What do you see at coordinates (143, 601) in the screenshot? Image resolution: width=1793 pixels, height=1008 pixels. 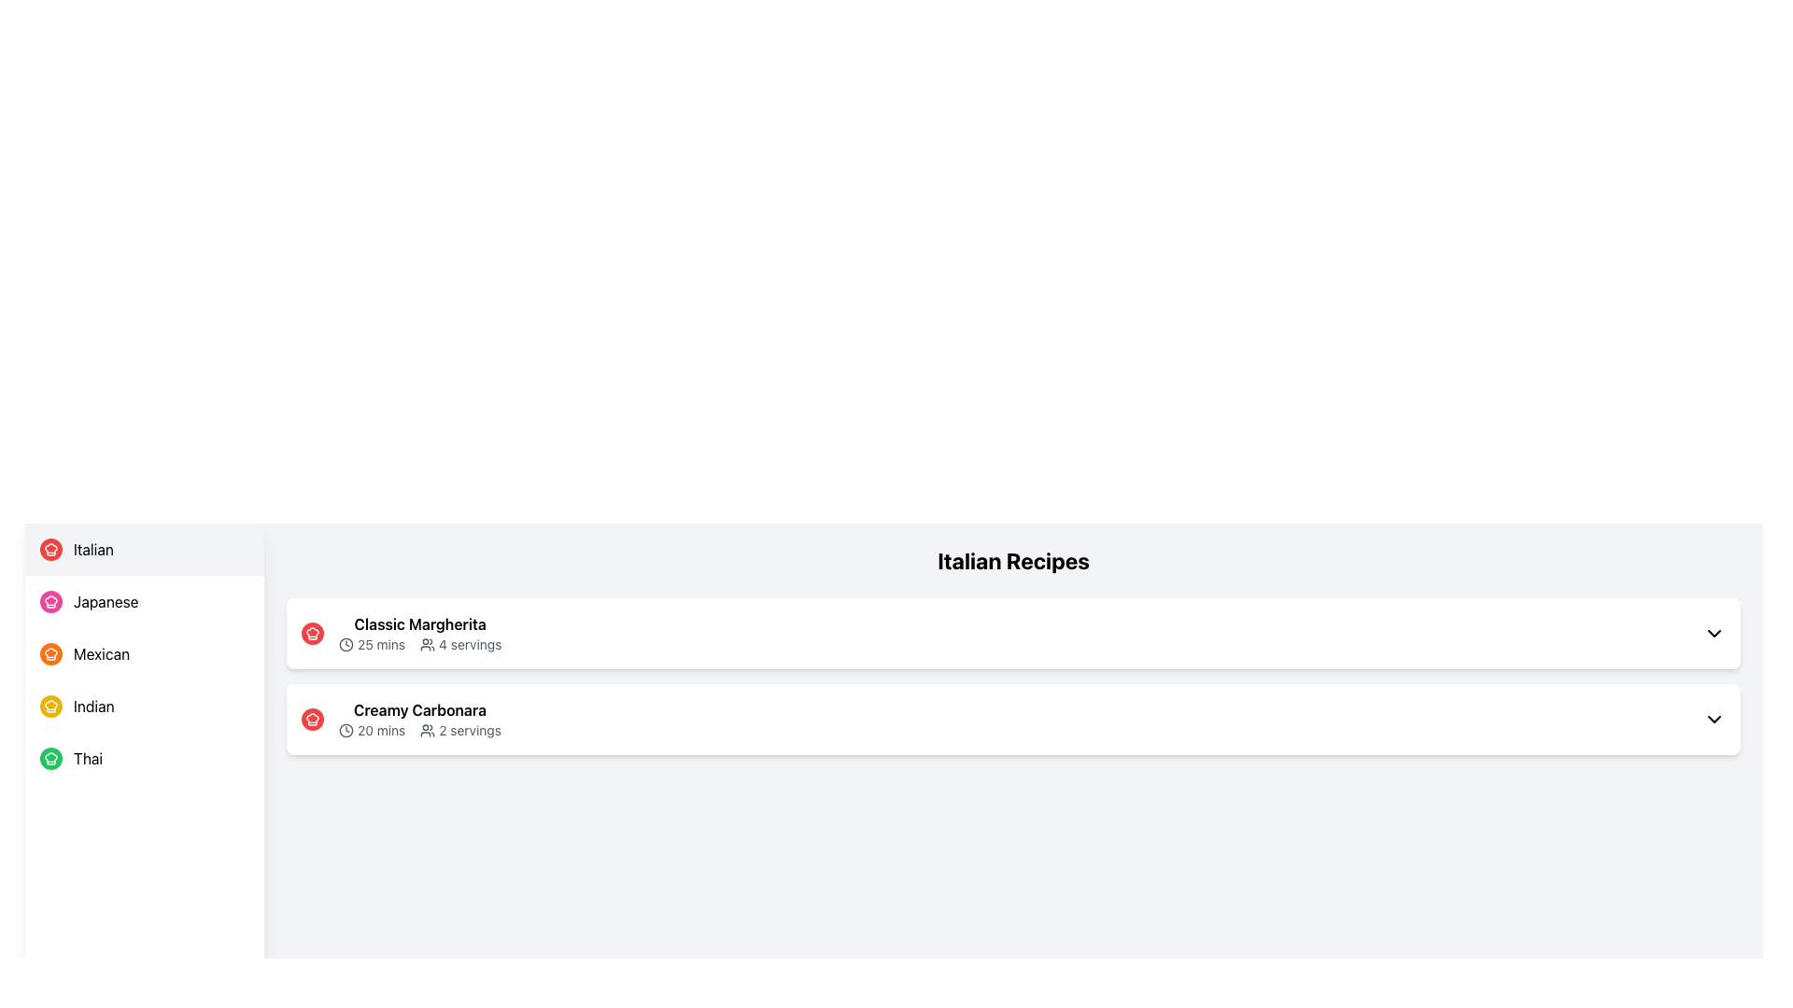 I see `the navigation button for the 'Japanese' category located in the sidebar menu, which is the second option from the top` at bounding box center [143, 601].